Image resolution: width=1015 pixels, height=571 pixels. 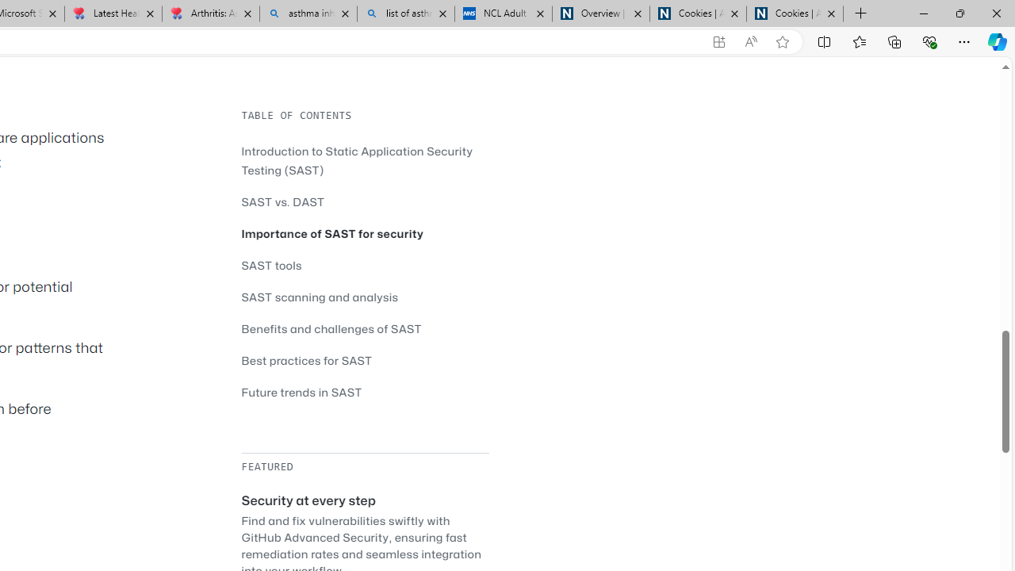 I want to click on 'Introduction to Static Application Security Testing (SAST)', so click(x=356, y=160).